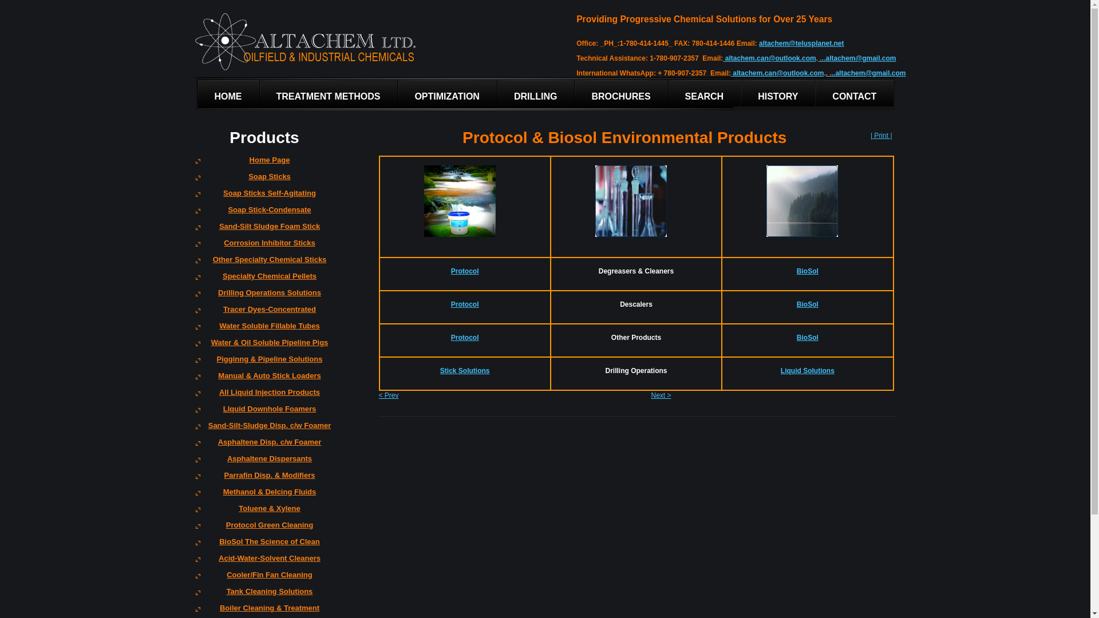 Image resolution: width=1099 pixels, height=618 pixels. What do you see at coordinates (264, 230) in the screenshot?
I see `'Sand-Silt Sludge Foam Stick'` at bounding box center [264, 230].